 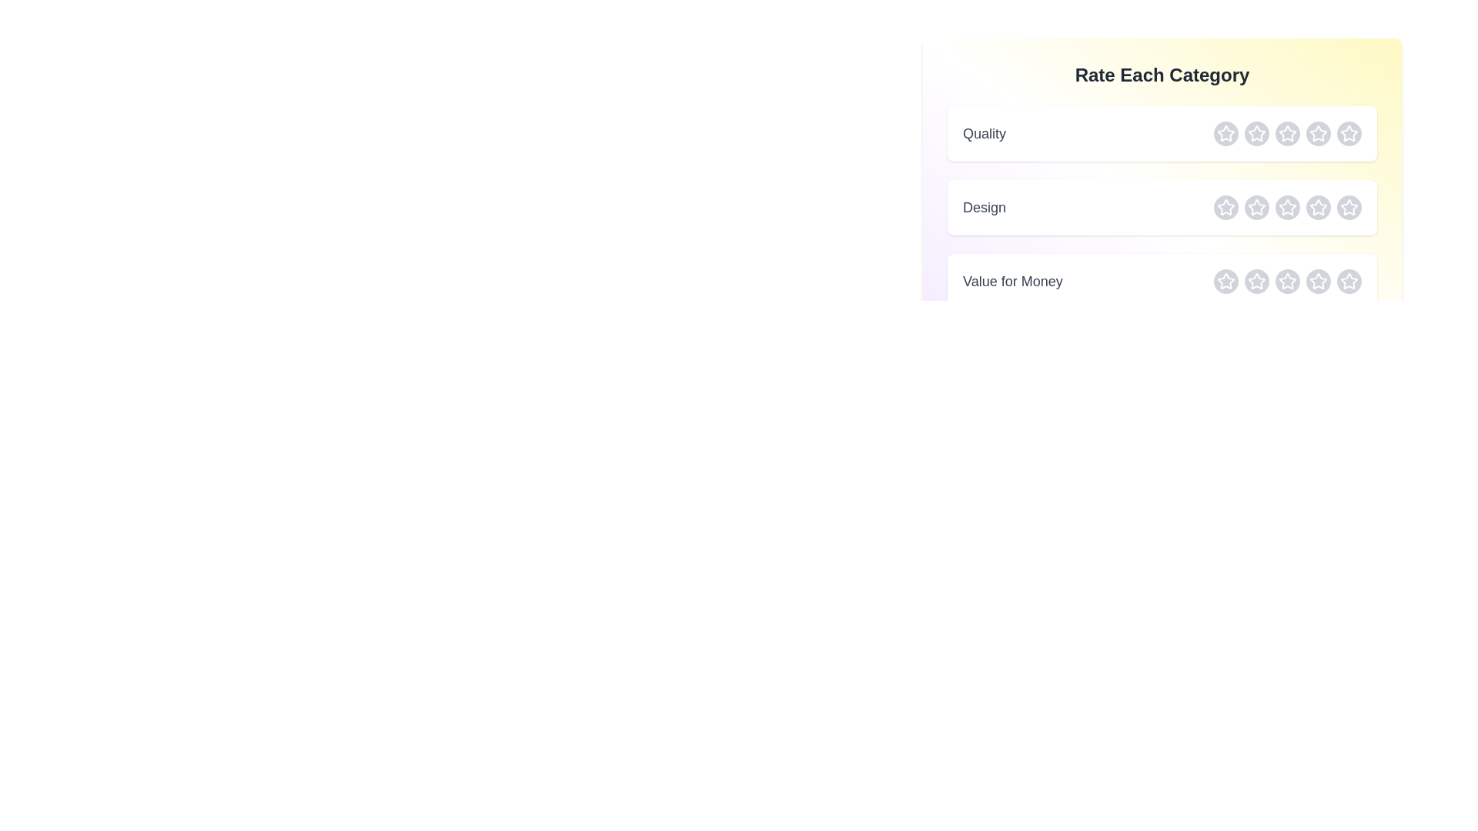 I want to click on the star corresponding to 2 stars in the selected category, so click(x=1256, y=132).